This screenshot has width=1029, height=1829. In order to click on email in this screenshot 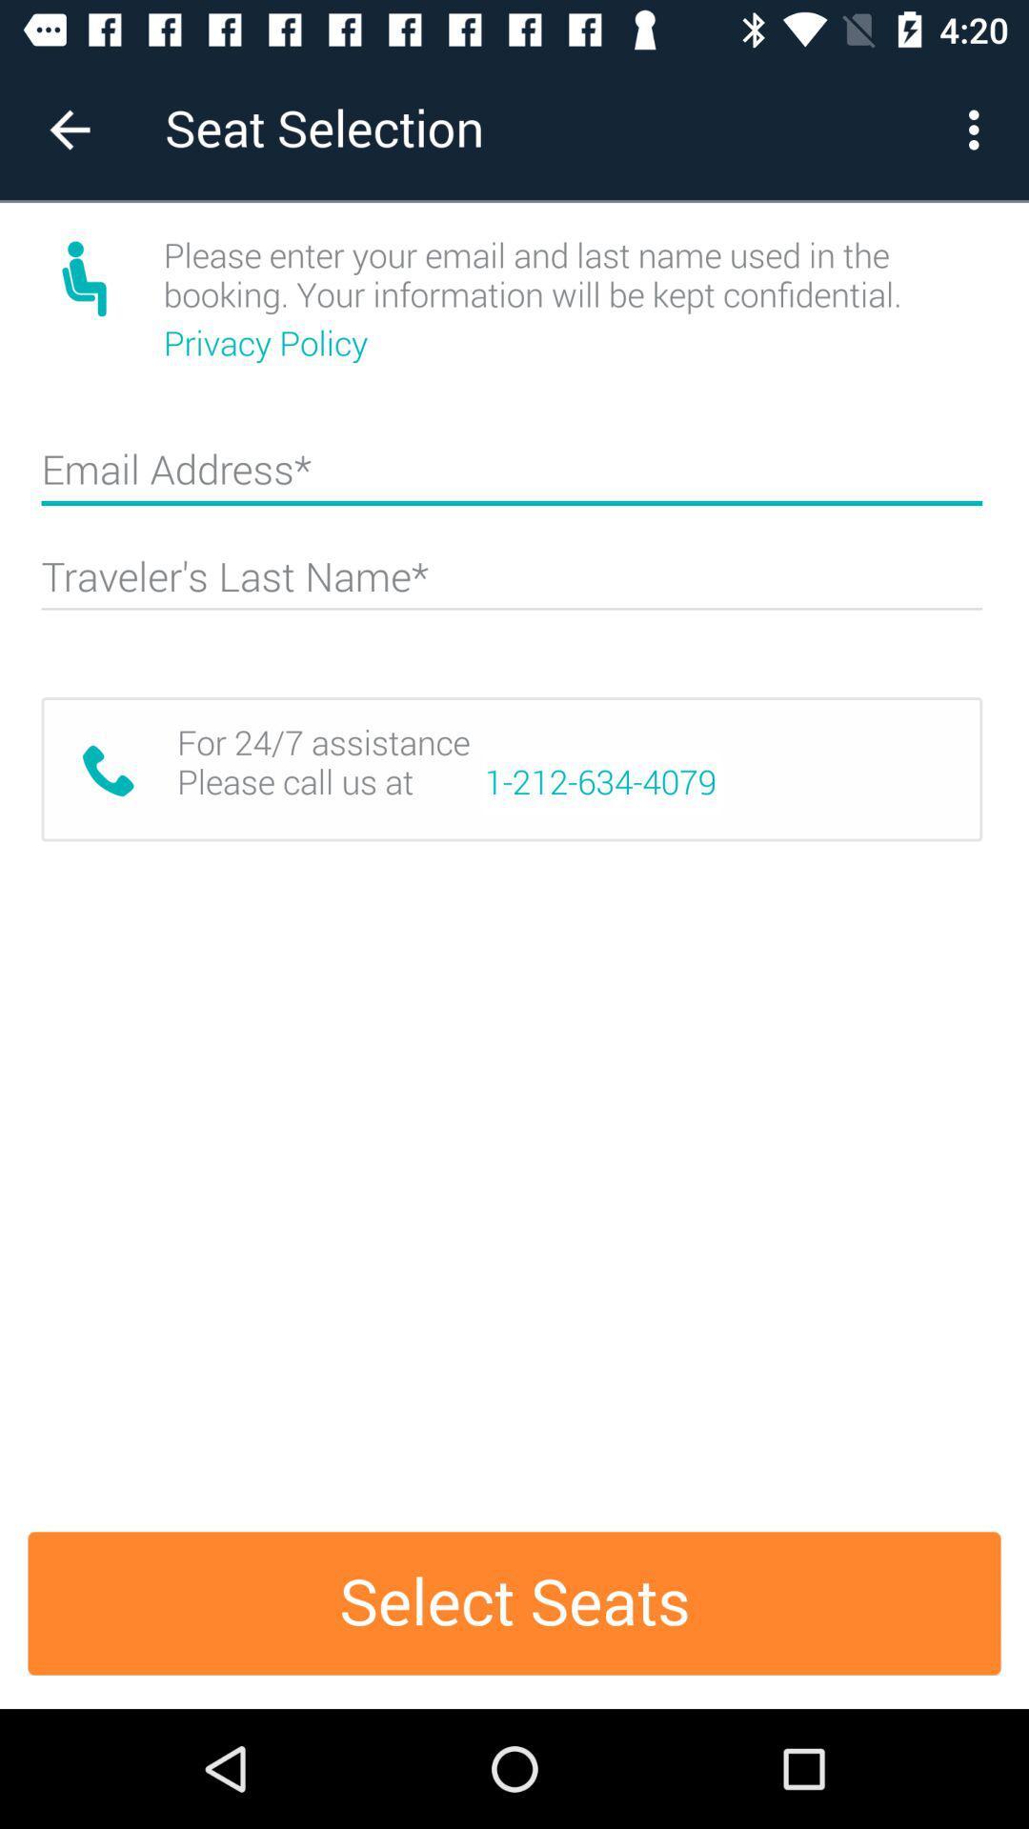, I will do `click(511, 477)`.